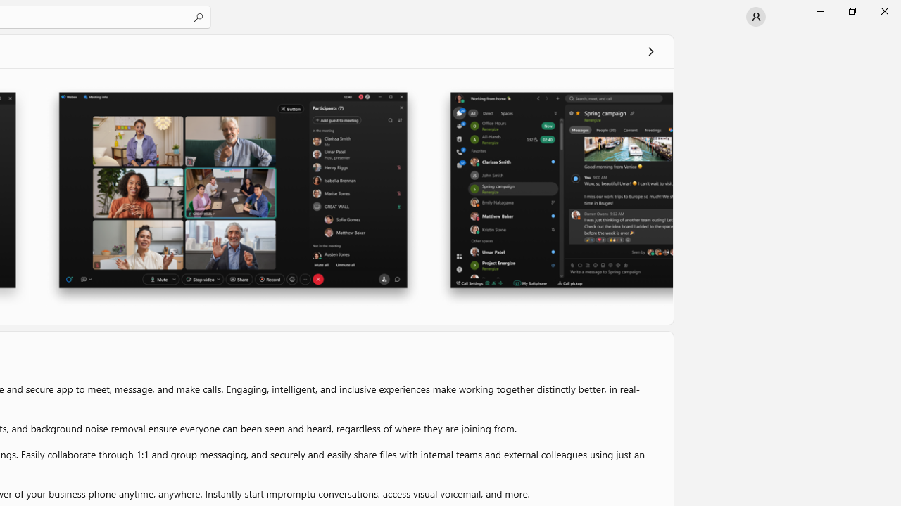 The width and height of the screenshot is (901, 506). What do you see at coordinates (819, 11) in the screenshot?
I see `'Minimize Microsoft Store'` at bounding box center [819, 11].